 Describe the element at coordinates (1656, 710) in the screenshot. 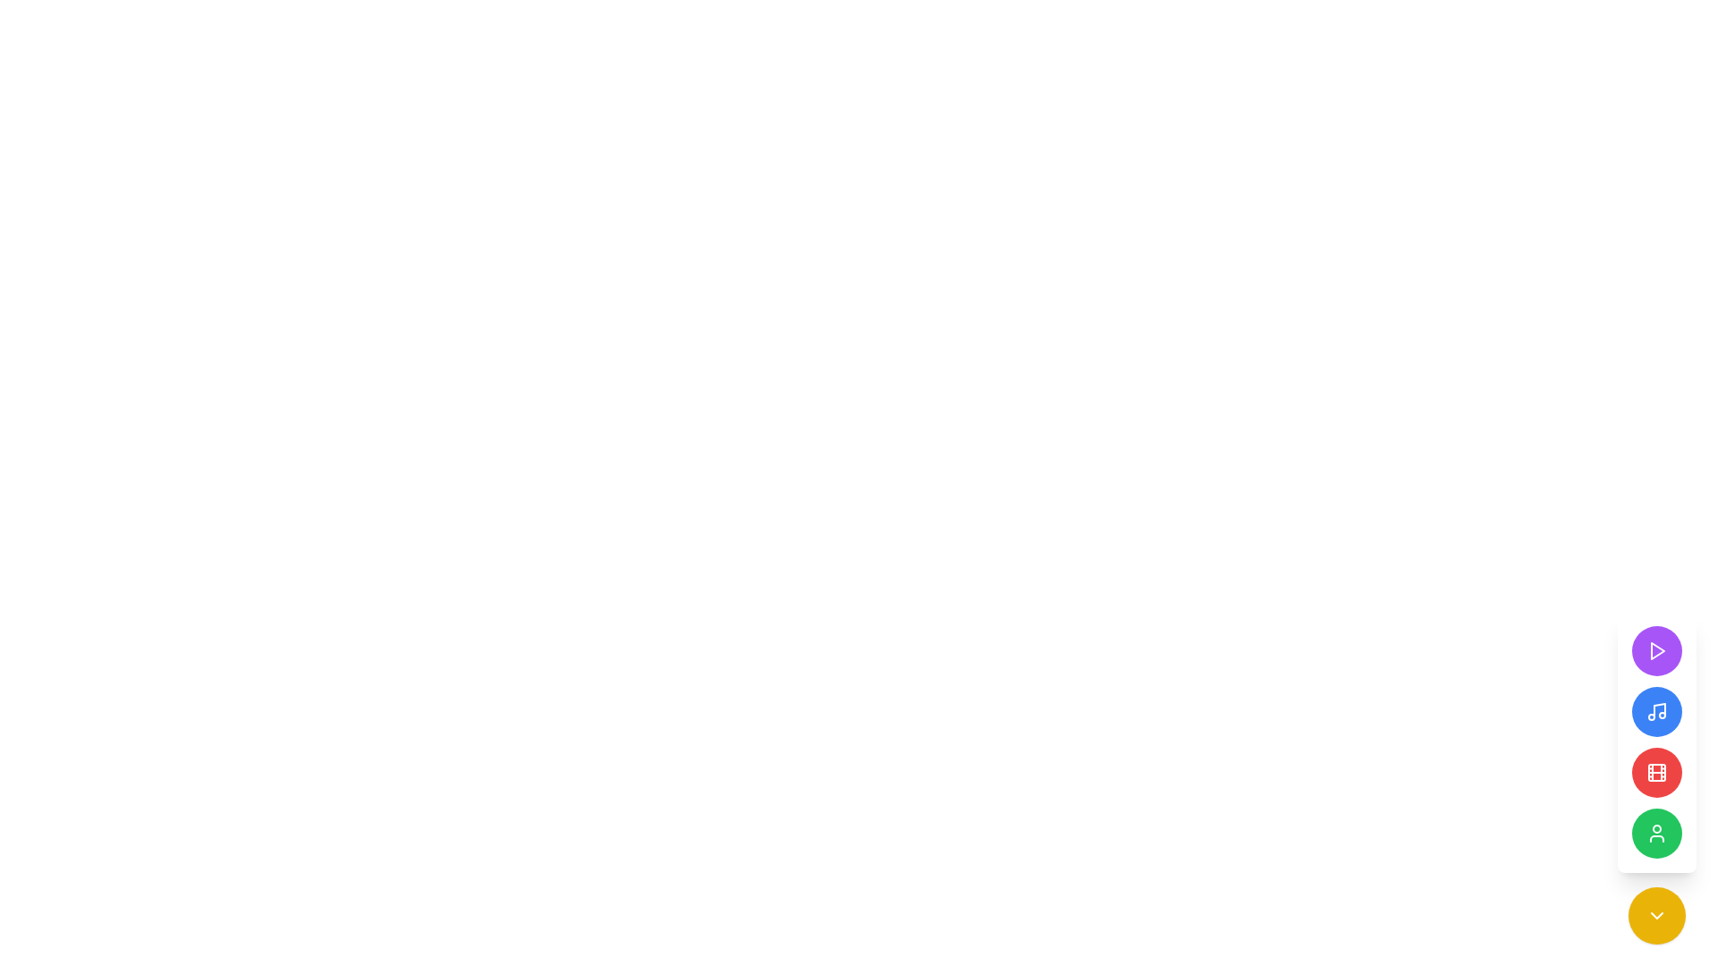

I see `the second icon button in the vertical navigation strip` at that location.